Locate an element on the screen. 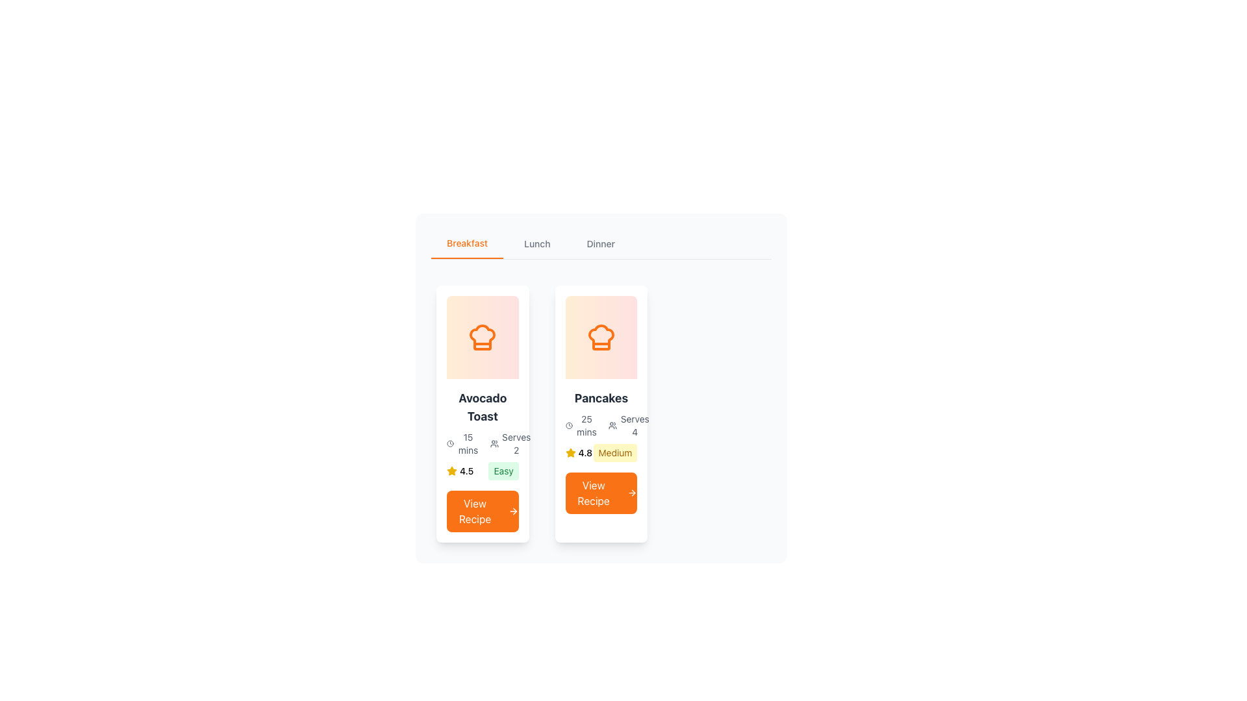 The width and height of the screenshot is (1247, 701). the time displayed in the Time indicator for the recipe titled 'Pancakes', located on the right-hand card beneath the title and next to the serving information is located at coordinates (581, 425).